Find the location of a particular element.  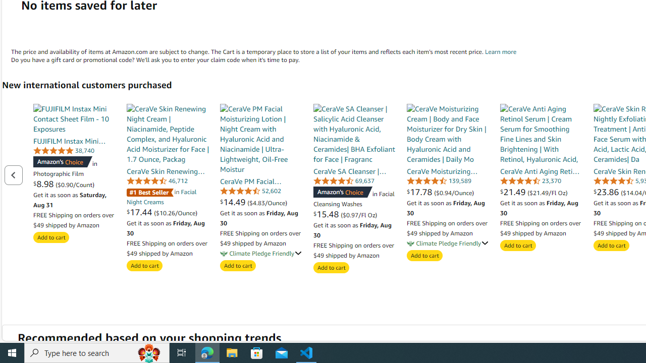

'FUJIFILM Instax Mini Contact Sheet Film - 10 Exposures' is located at coordinates (74, 118).